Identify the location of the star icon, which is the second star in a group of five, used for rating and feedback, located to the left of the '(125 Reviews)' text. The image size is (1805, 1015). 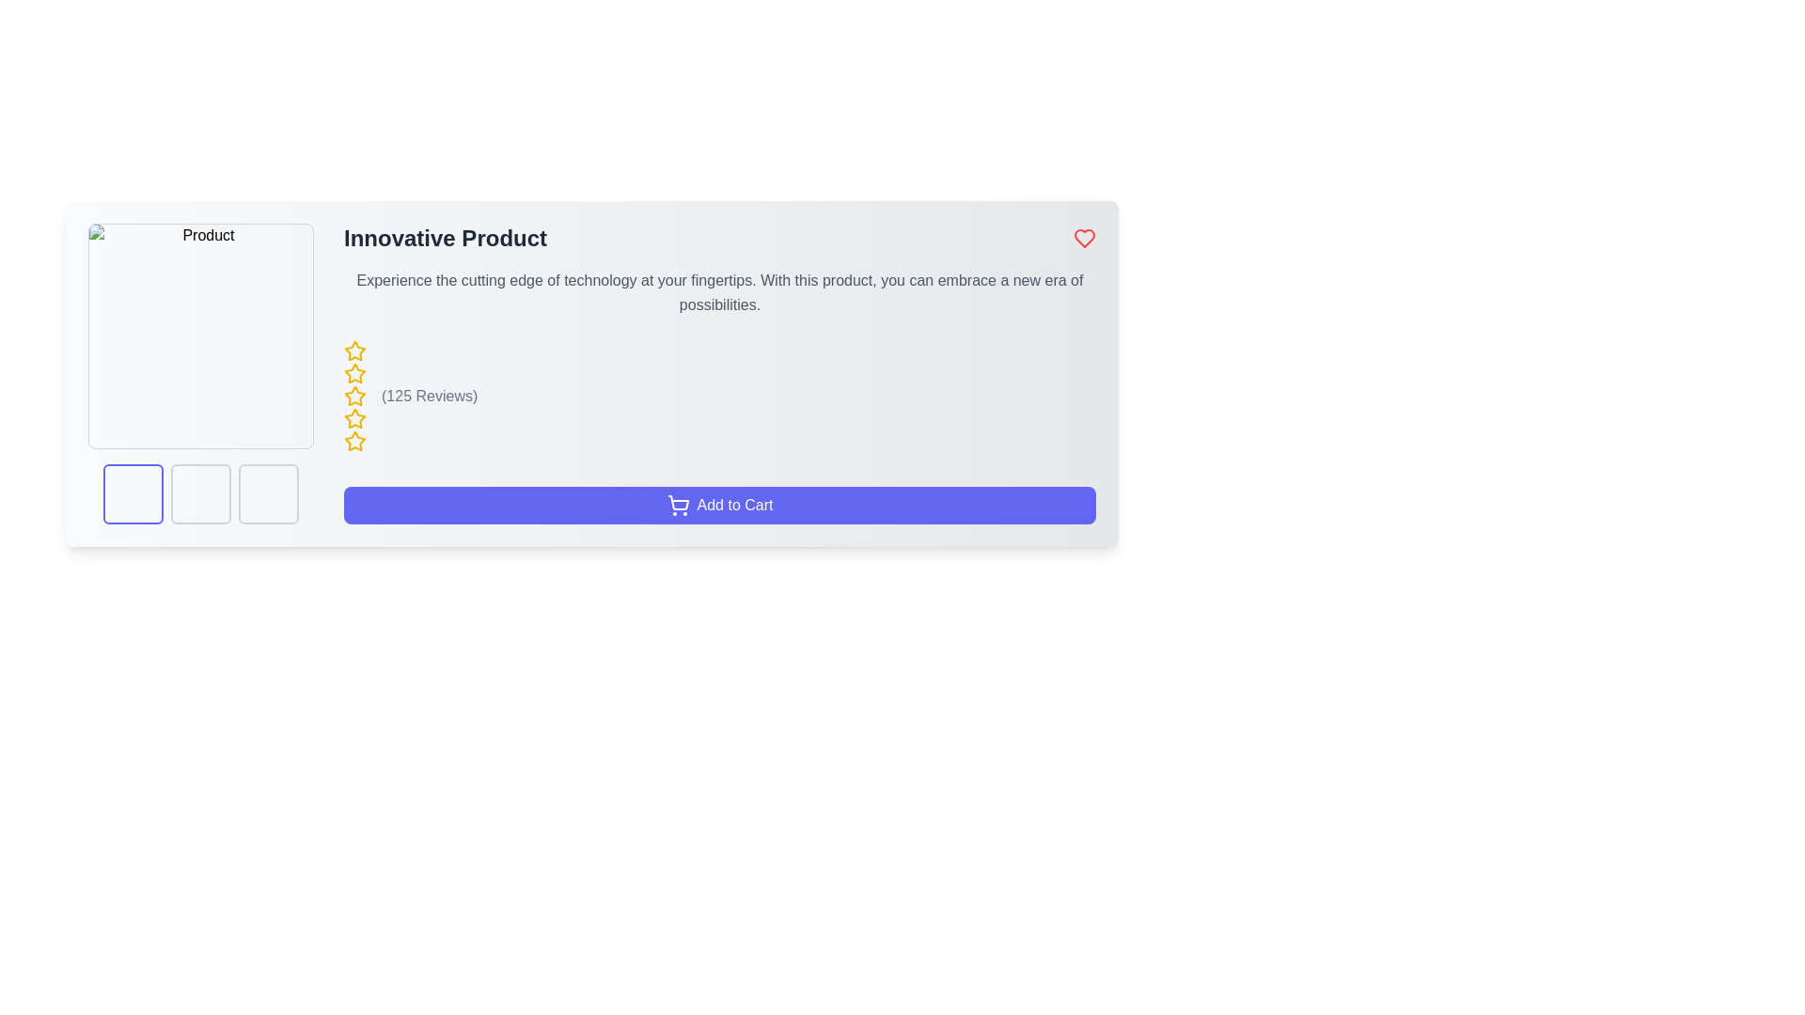
(355, 395).